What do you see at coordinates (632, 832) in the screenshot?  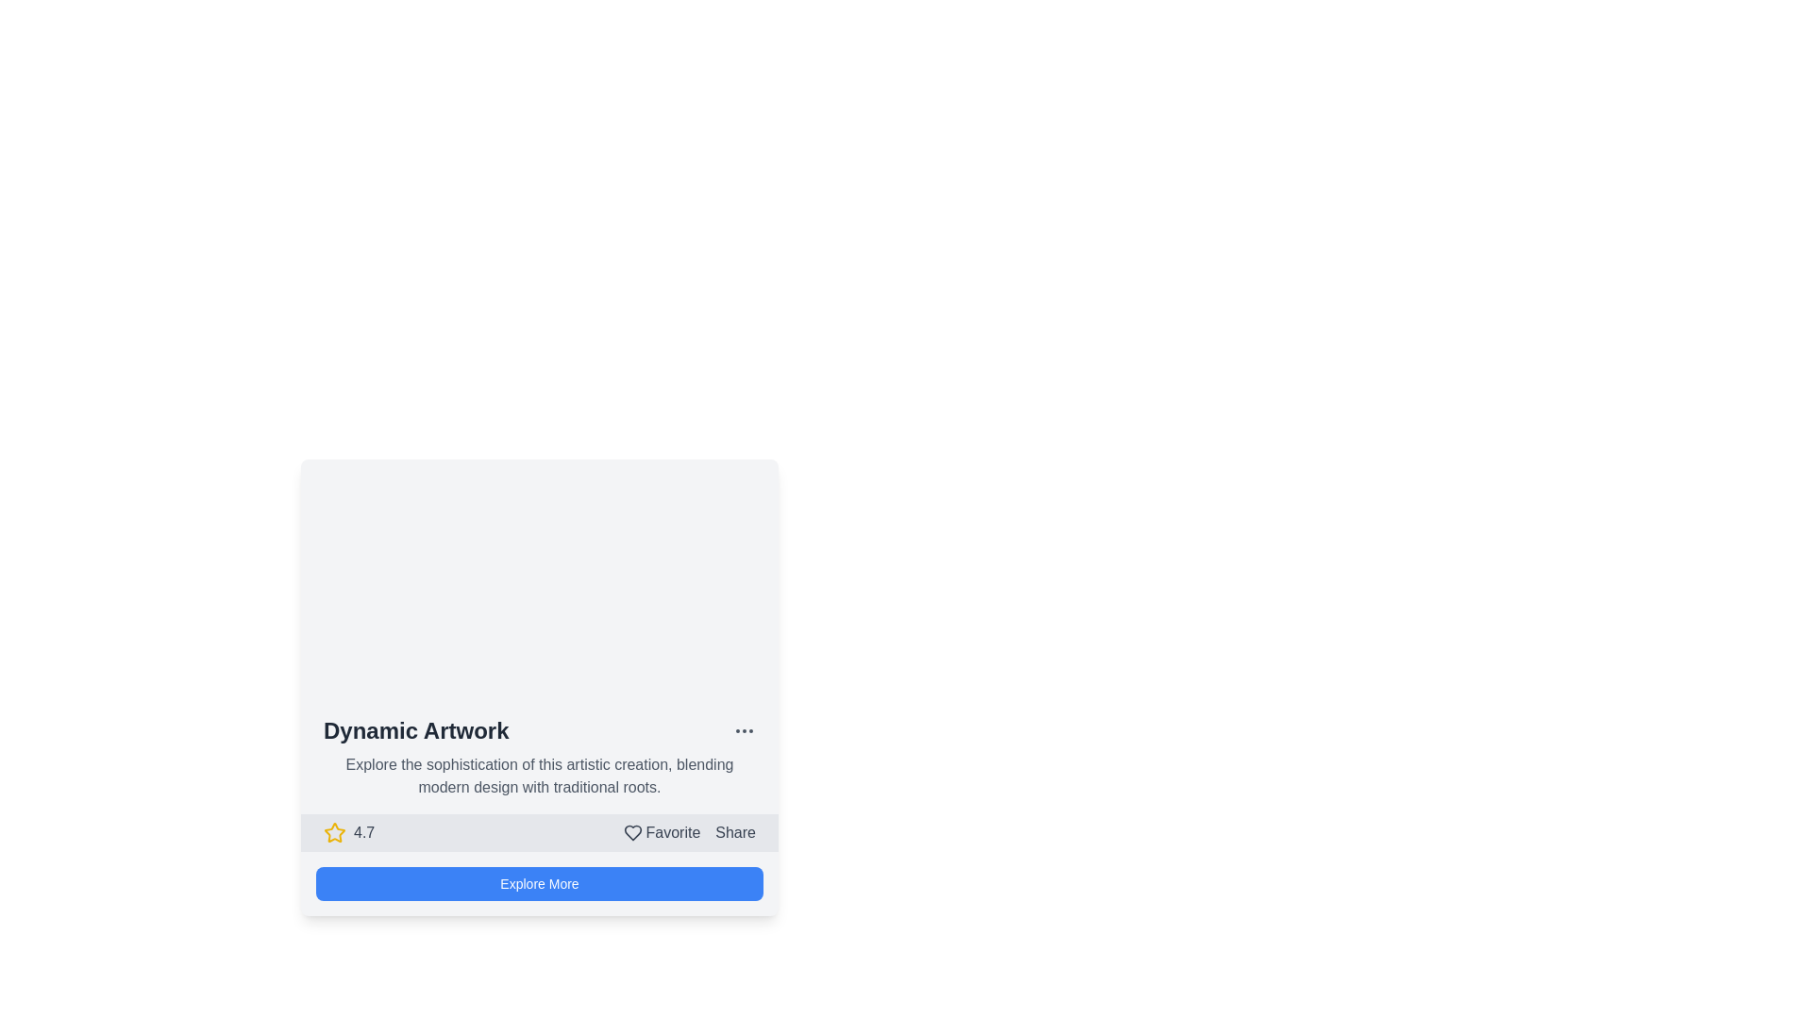 I see `the 'Favorite' heart icon located in the middle section of the card` at bounding box center [632, 832].